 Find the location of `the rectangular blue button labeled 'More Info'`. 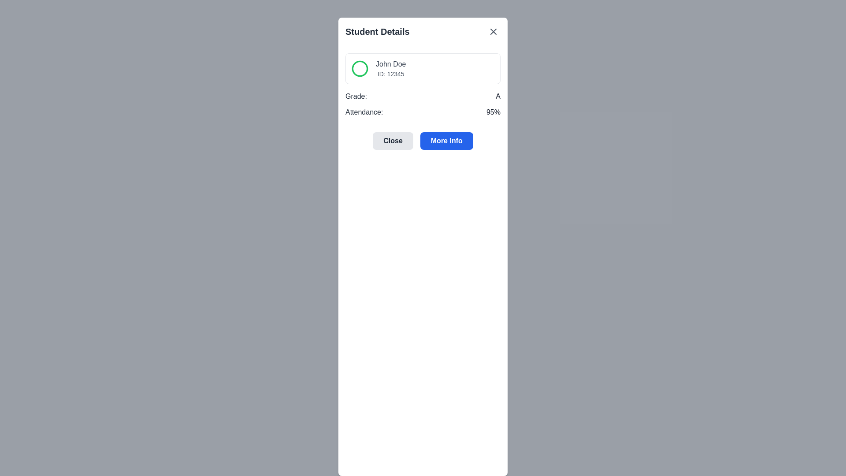

the rectangular blue button labeled 'More Info' is located at coordinates (446, 141).